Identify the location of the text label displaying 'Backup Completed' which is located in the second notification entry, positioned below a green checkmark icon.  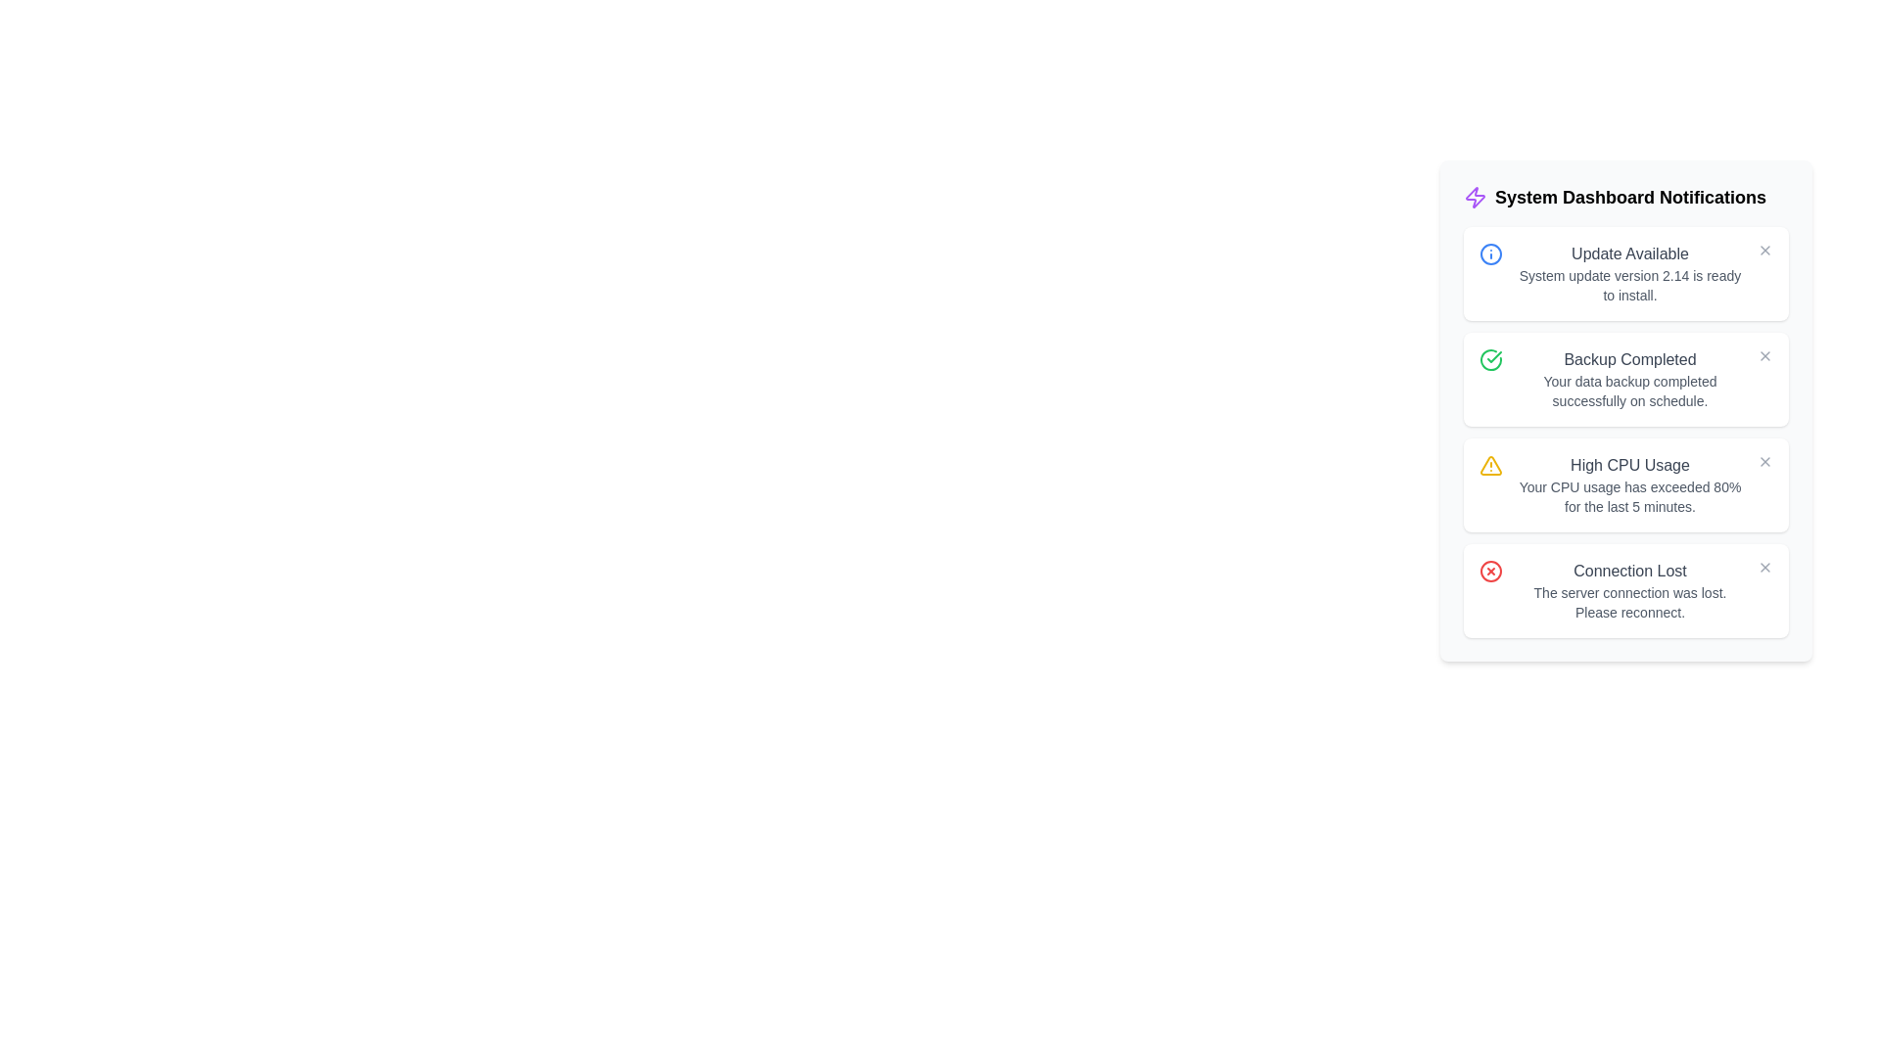
(1630, 359).